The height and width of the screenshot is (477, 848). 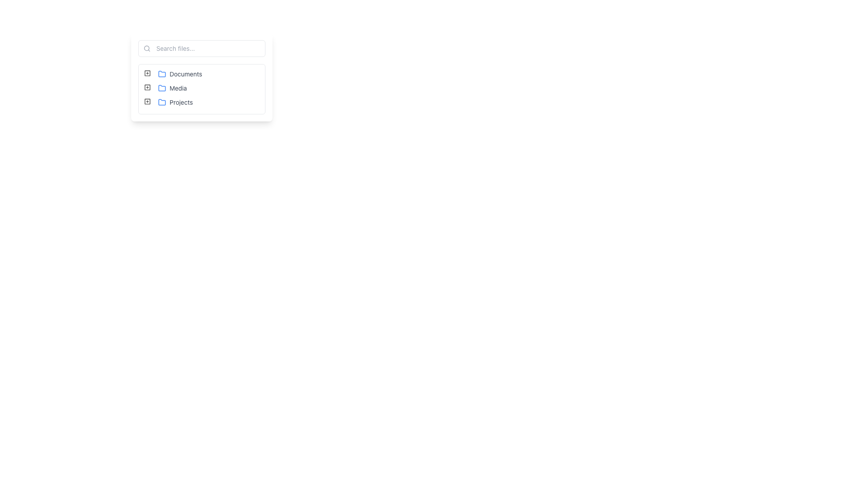 What do you see at coordinates (148, 74) in the screenshot?
I see `the Expand/collapse toggle button located to the left of the 'Documents' folder label in the vertical file-tree component` at bounding box center [148, 74].